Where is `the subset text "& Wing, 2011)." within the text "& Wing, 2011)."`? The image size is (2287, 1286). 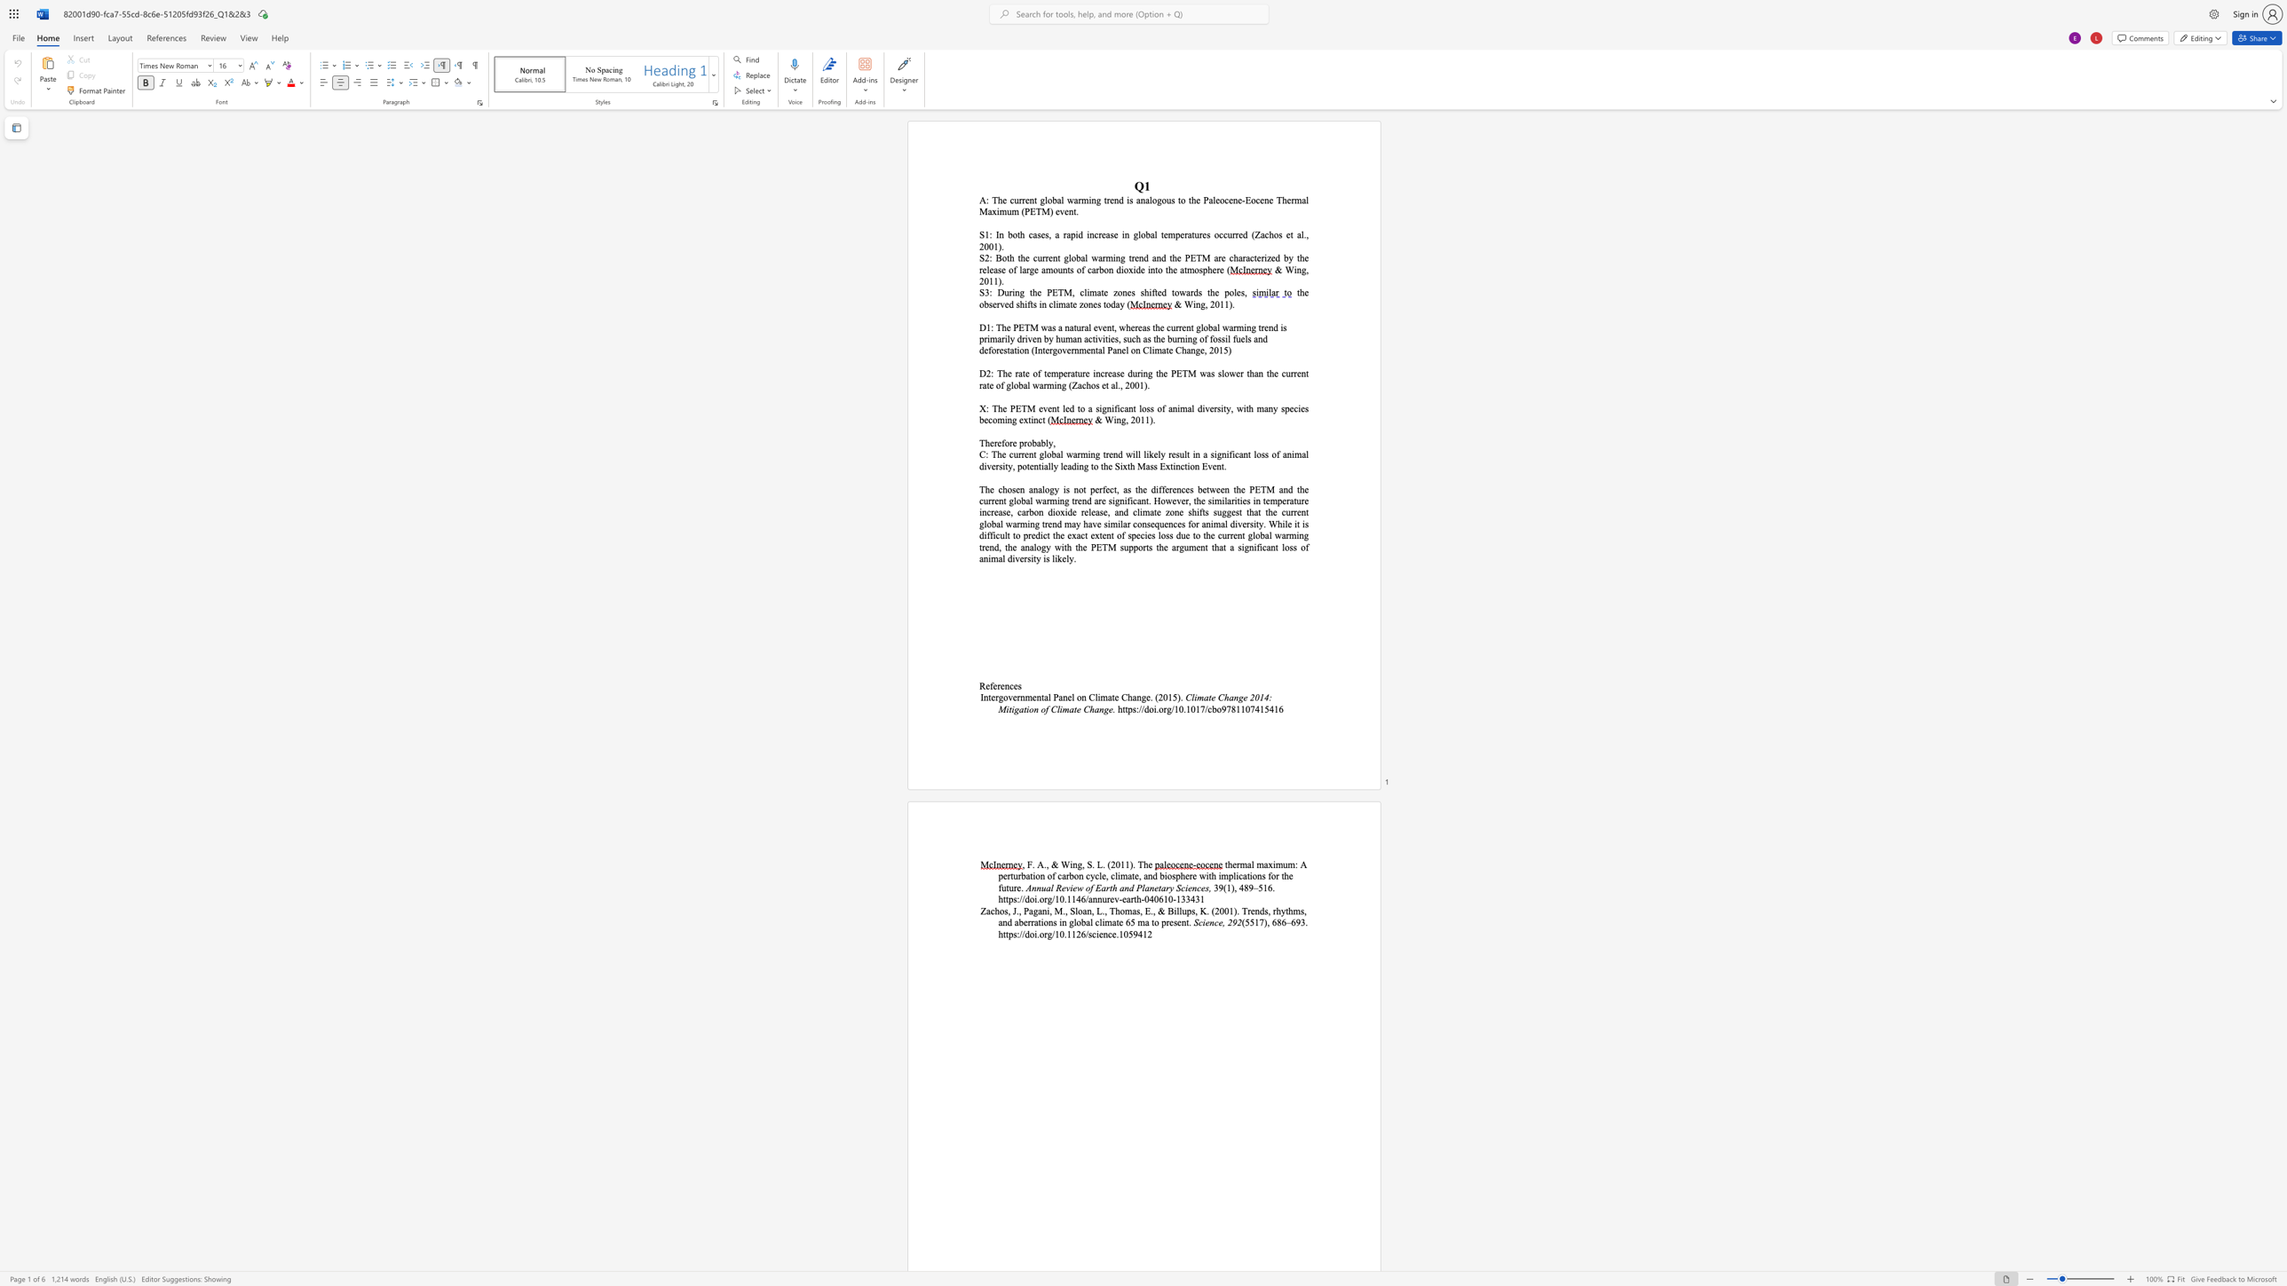 the subset text "& Wing, 2011)." within the text "& Wing, 2011)." is located at coordinates (1094, 419).